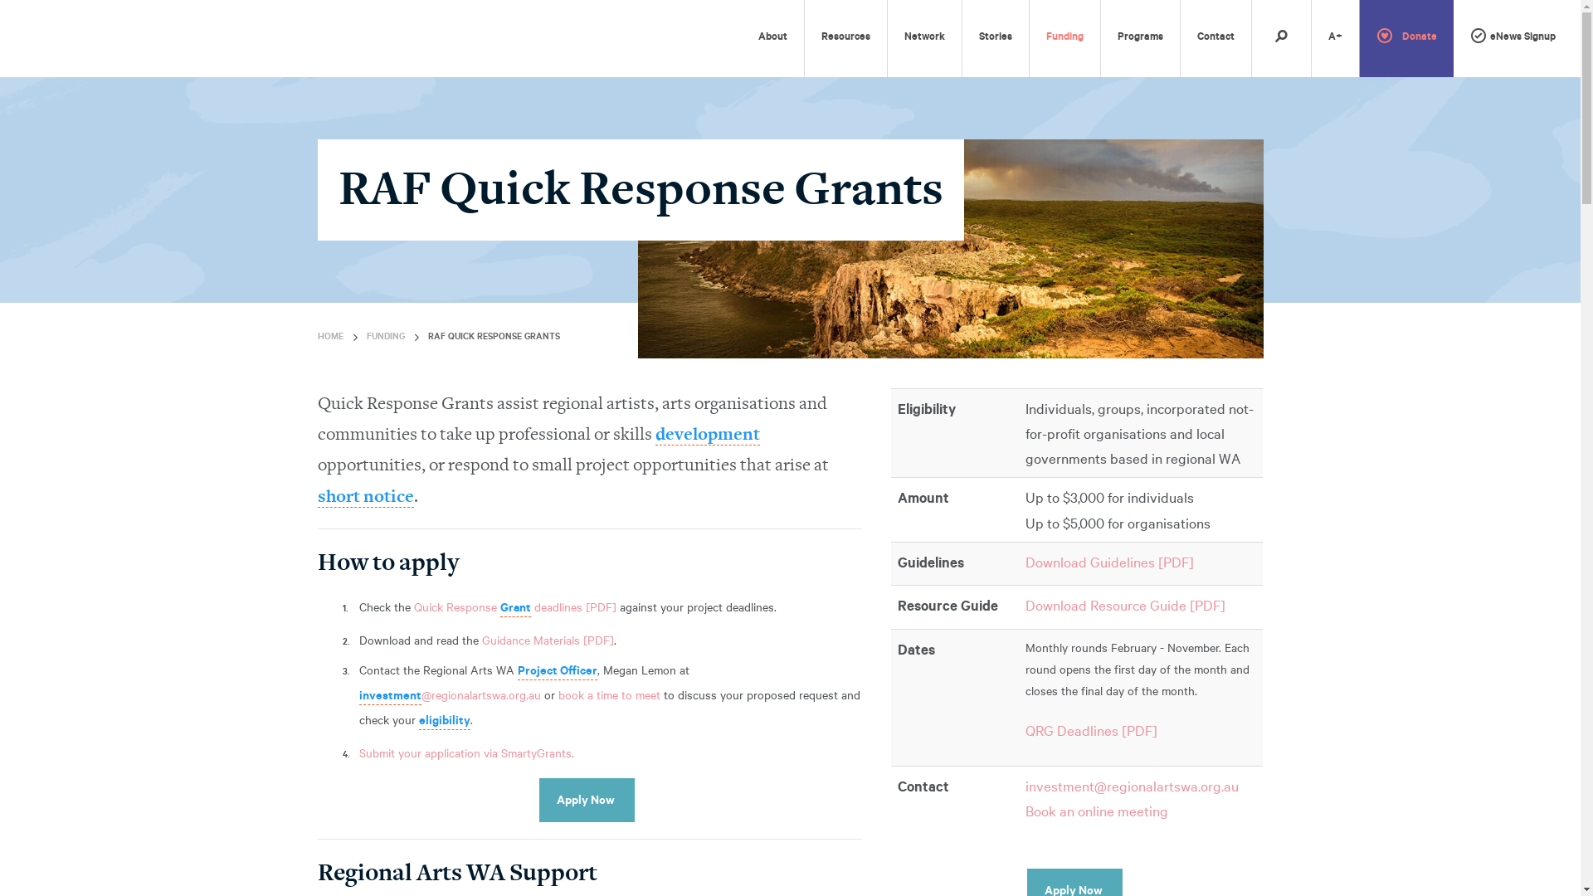 The image size is (1593, 896). What do you see at coordinates (329, 337) in the screenshot?
I see `'HOME'` at bounding box center [329, 337].